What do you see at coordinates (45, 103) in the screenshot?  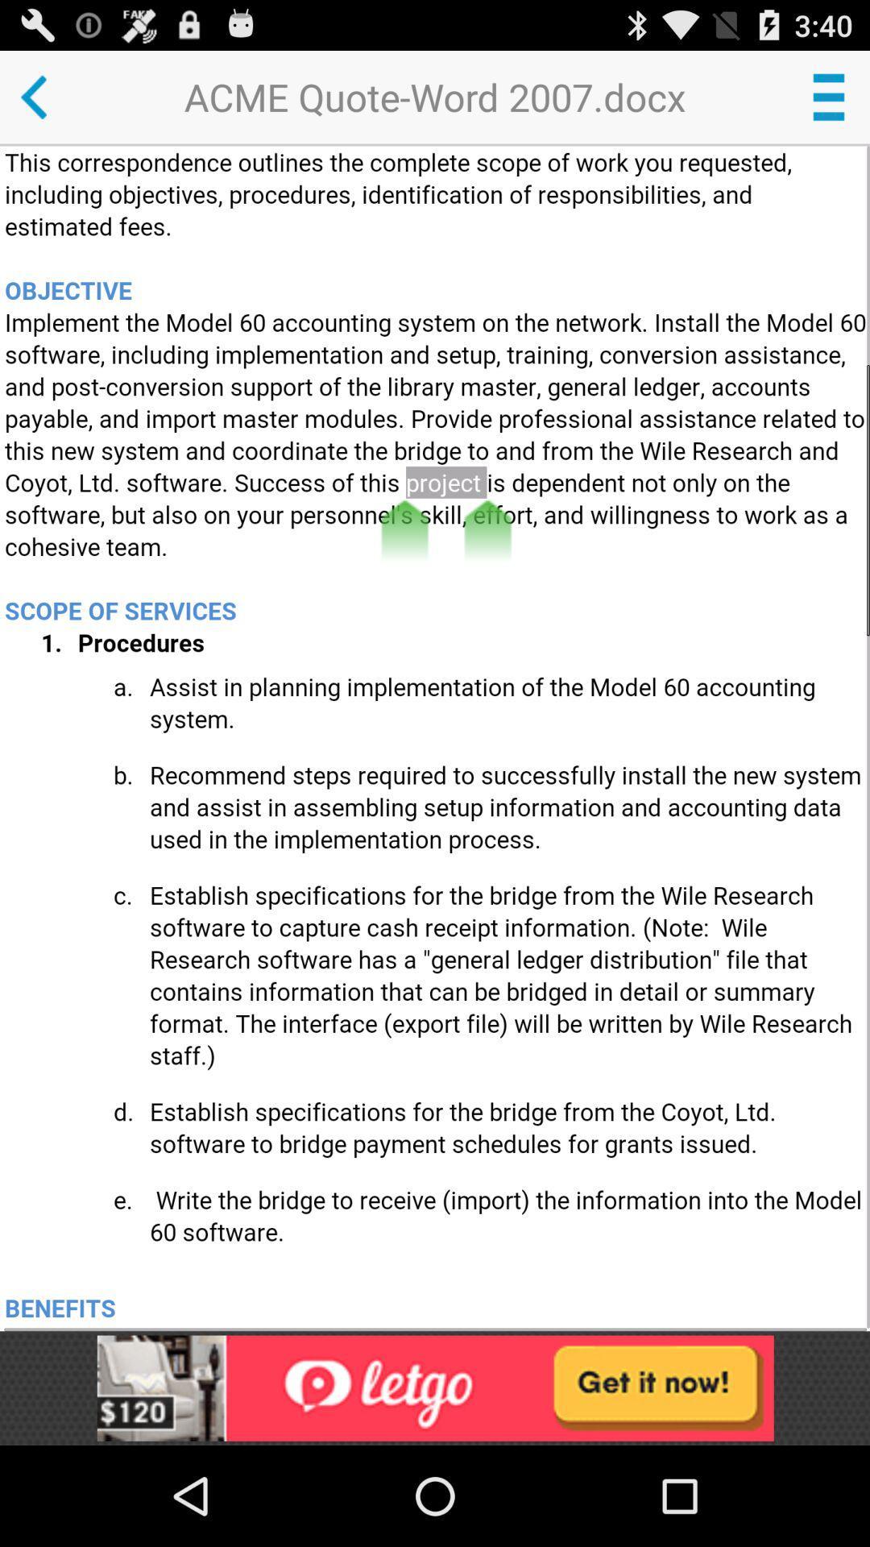 I see `the arrow_backward icon` at bounding box center [45, 103].